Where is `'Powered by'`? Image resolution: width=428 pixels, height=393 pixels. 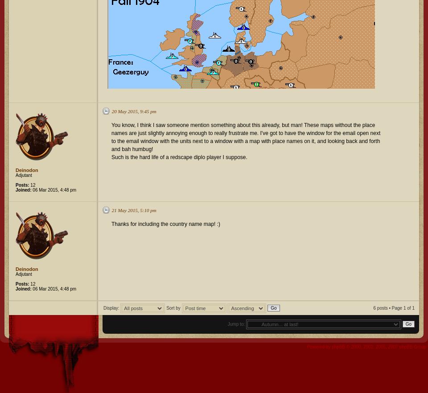
'Powered by' is located at coordinates (319, 346).